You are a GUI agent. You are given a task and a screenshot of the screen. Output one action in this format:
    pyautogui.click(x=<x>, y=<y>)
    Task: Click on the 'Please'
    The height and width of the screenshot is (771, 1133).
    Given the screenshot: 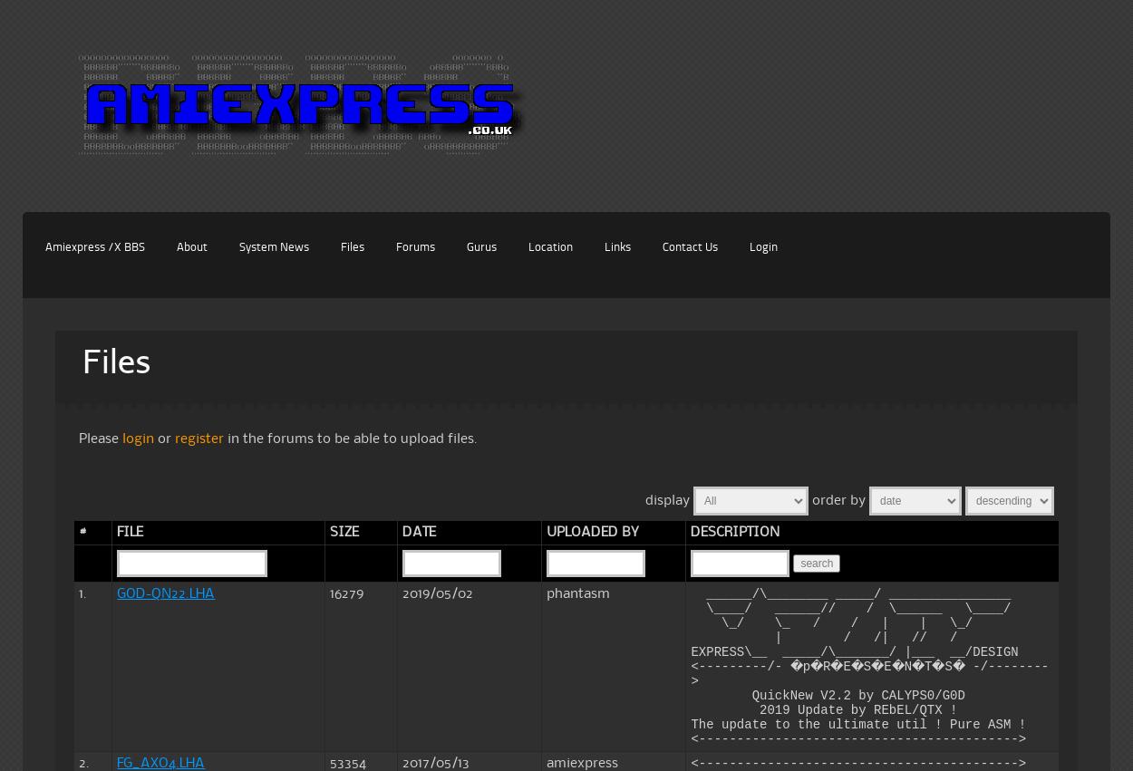 What is the action you would take?
    pyautogui.click(x=100, y=437)
    